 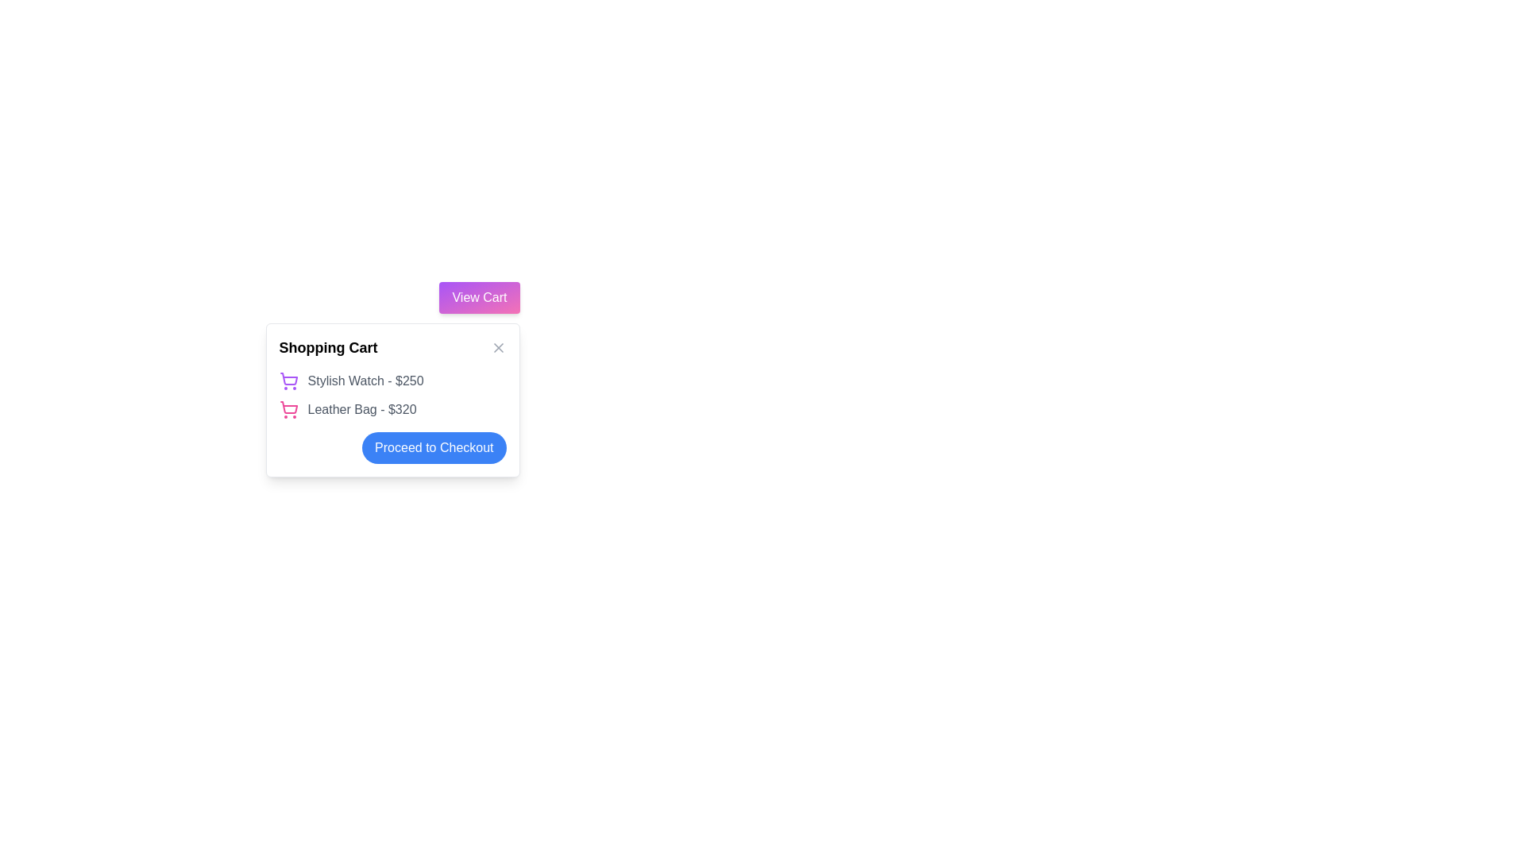 I want to click on the second text-based list item in the Shopping Cart section that displays the product details, located directly below the 'Stylish Watch - $250', so click(x=392, y=409).